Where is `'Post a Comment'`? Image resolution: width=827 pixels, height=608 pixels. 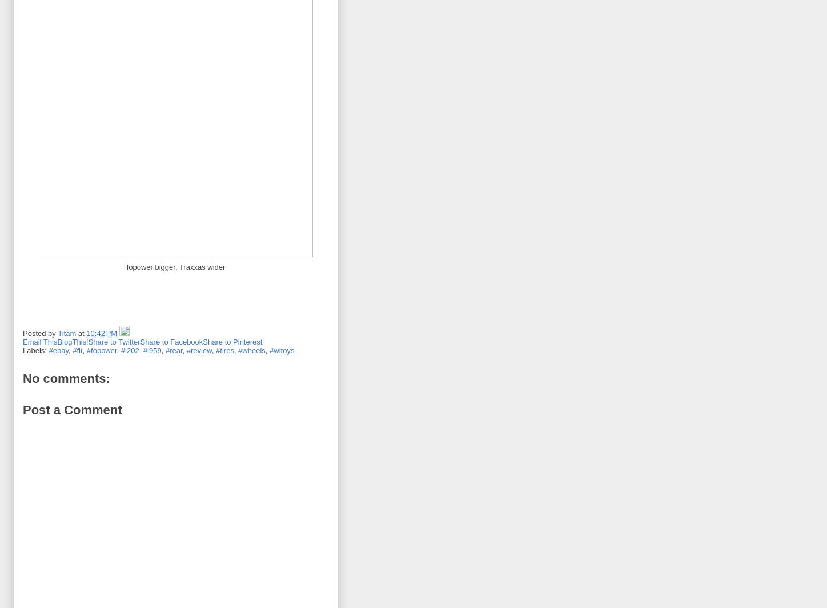
'Post a Comment' is located at coordinates (71, 410).